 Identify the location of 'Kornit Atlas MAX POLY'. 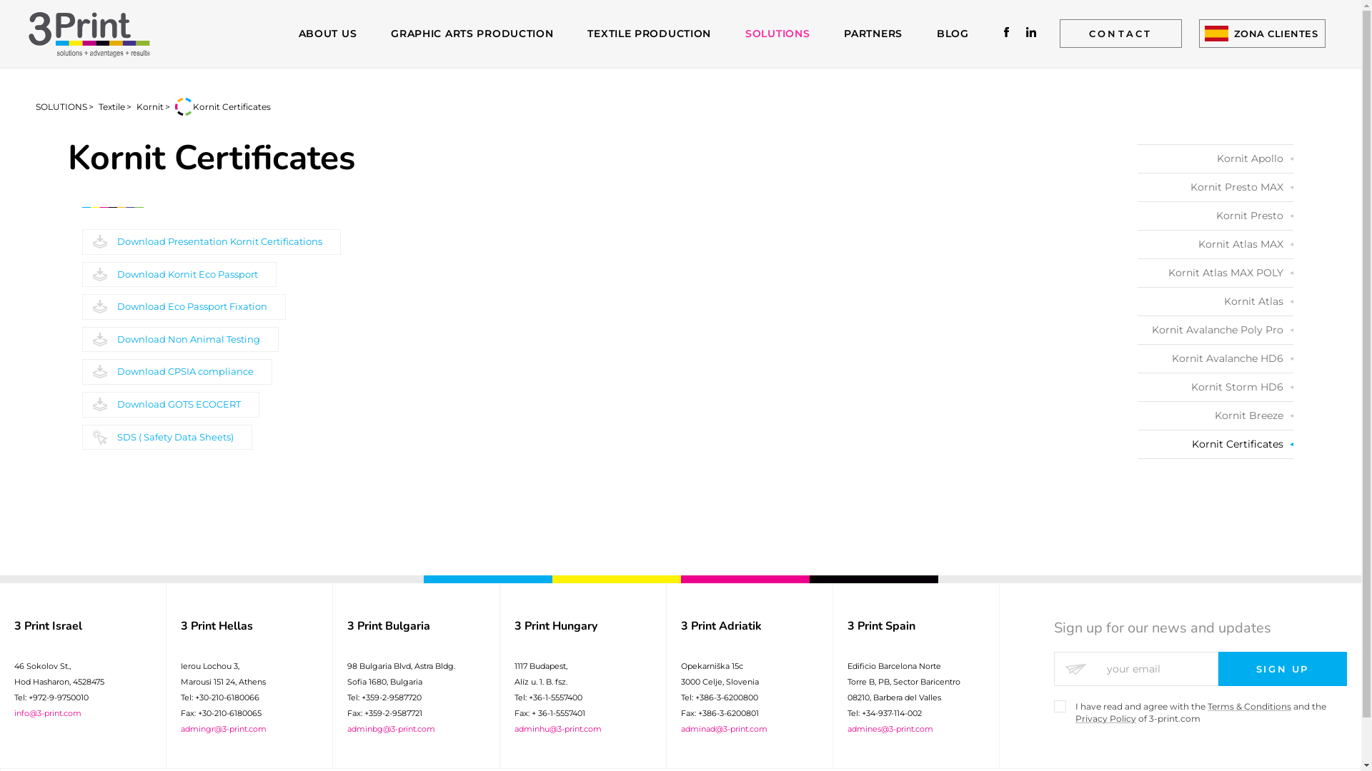
(1137, 273).